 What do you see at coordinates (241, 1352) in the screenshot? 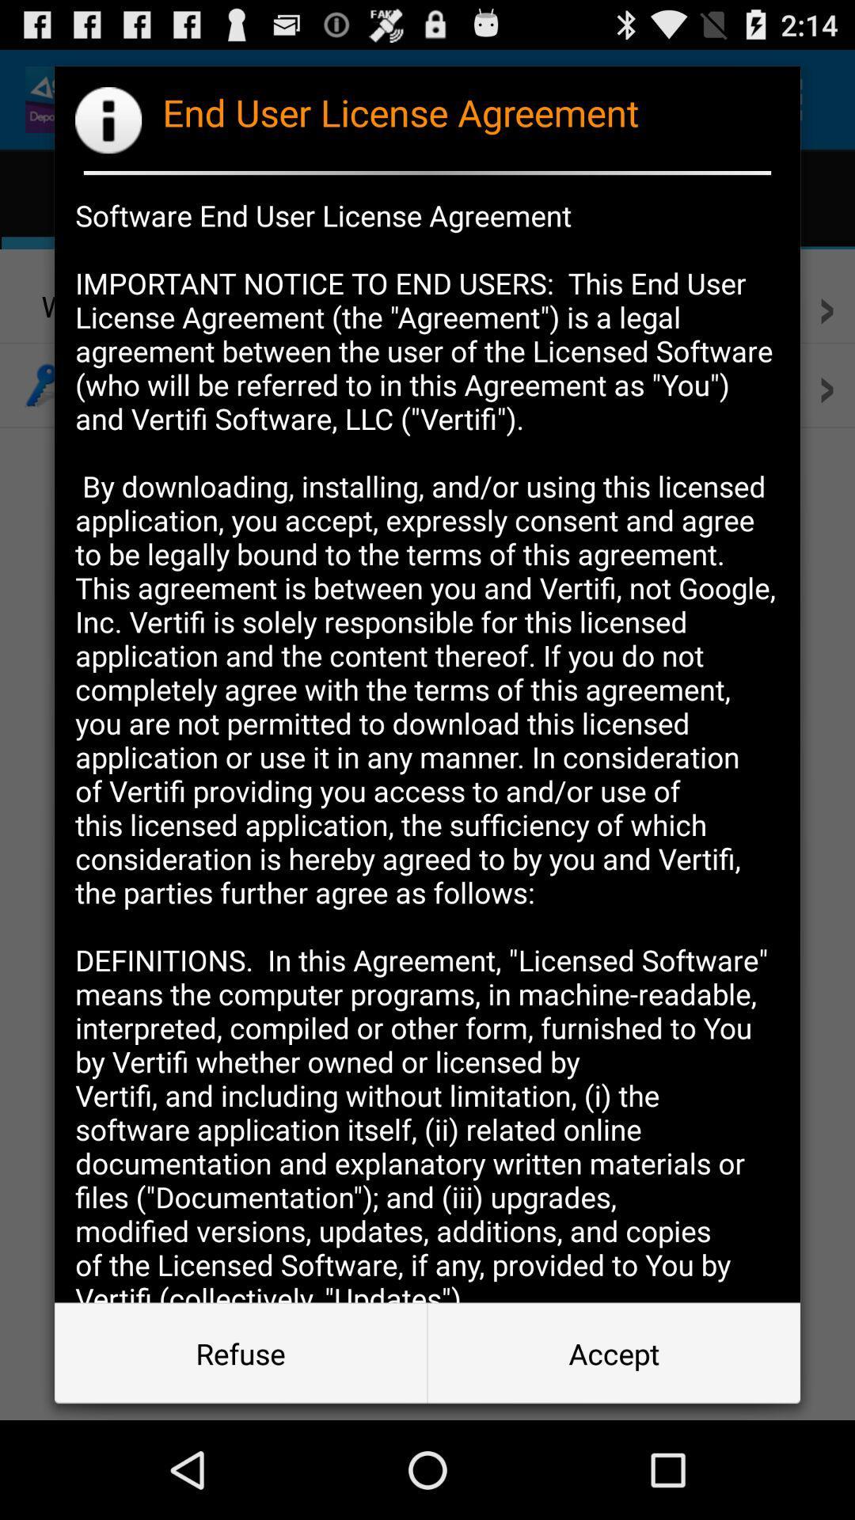
I see `refuse icon` at bounding box center [241, 1352].